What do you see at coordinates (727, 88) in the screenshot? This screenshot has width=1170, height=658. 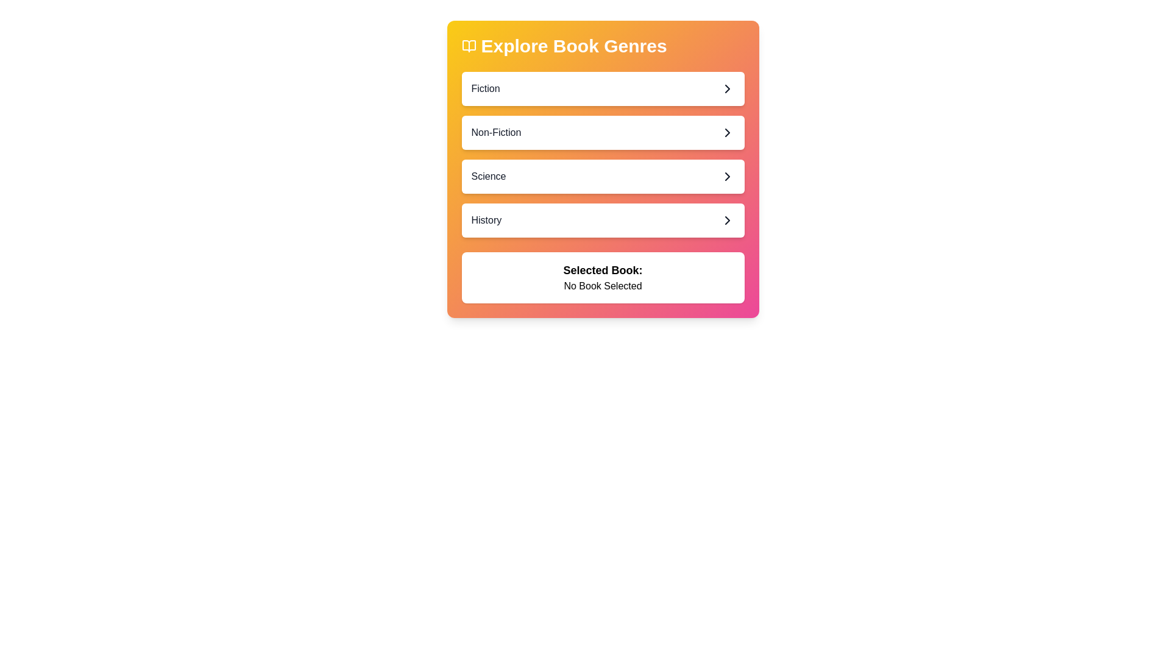 I see `the rightward-facing chevron icon indicating that the 'Fiction' option can lead to a subsequent page in the 'Explore Book Genres' section` at bounding box center [727, 88].